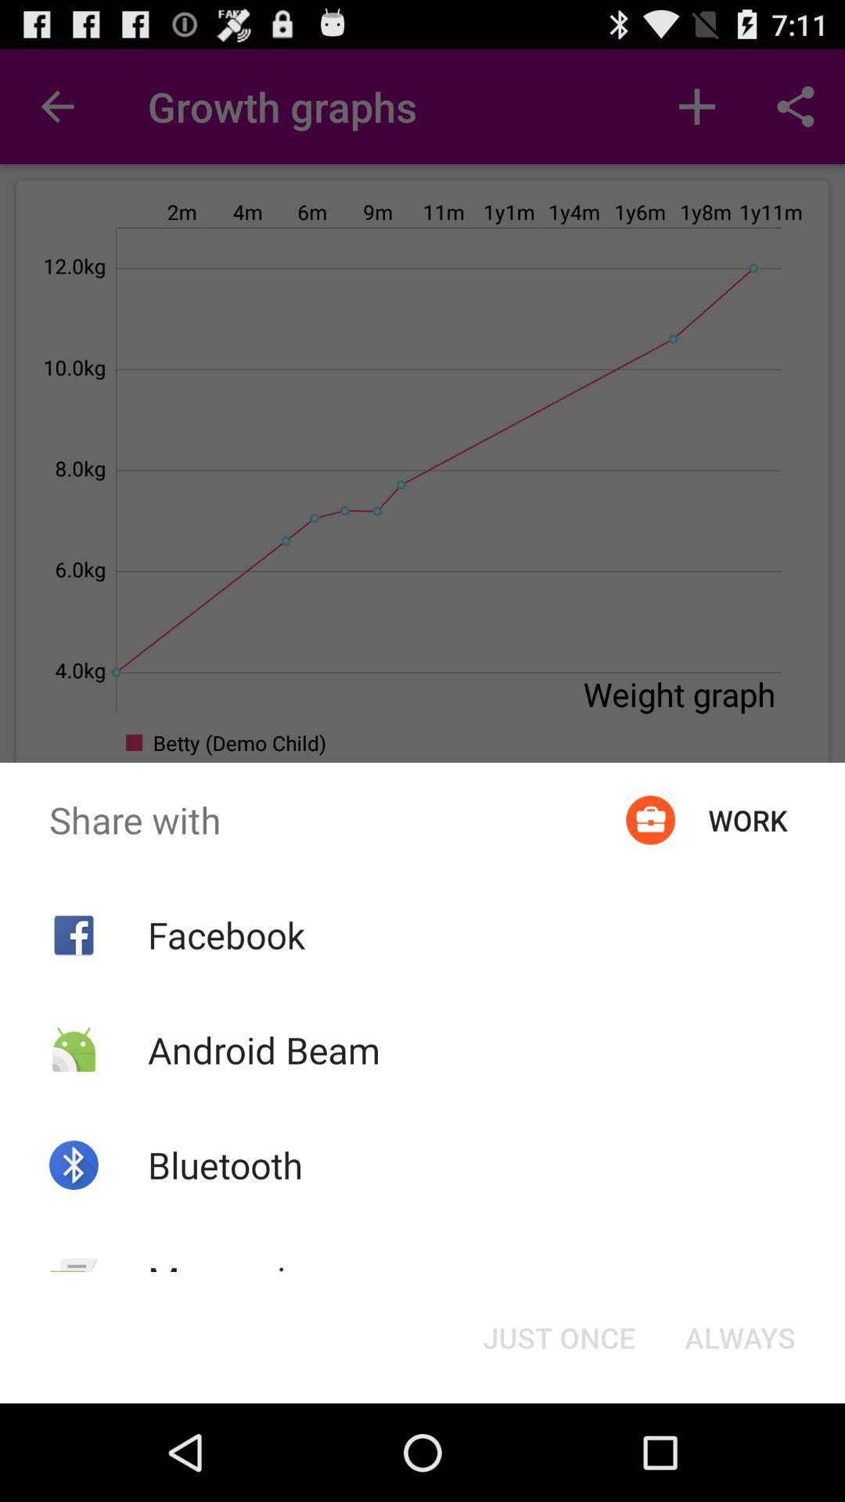 The image size is (845, 1502). Describe the element at coordinates (558, 1336) in the screenshot. I see `just once item` at that location.